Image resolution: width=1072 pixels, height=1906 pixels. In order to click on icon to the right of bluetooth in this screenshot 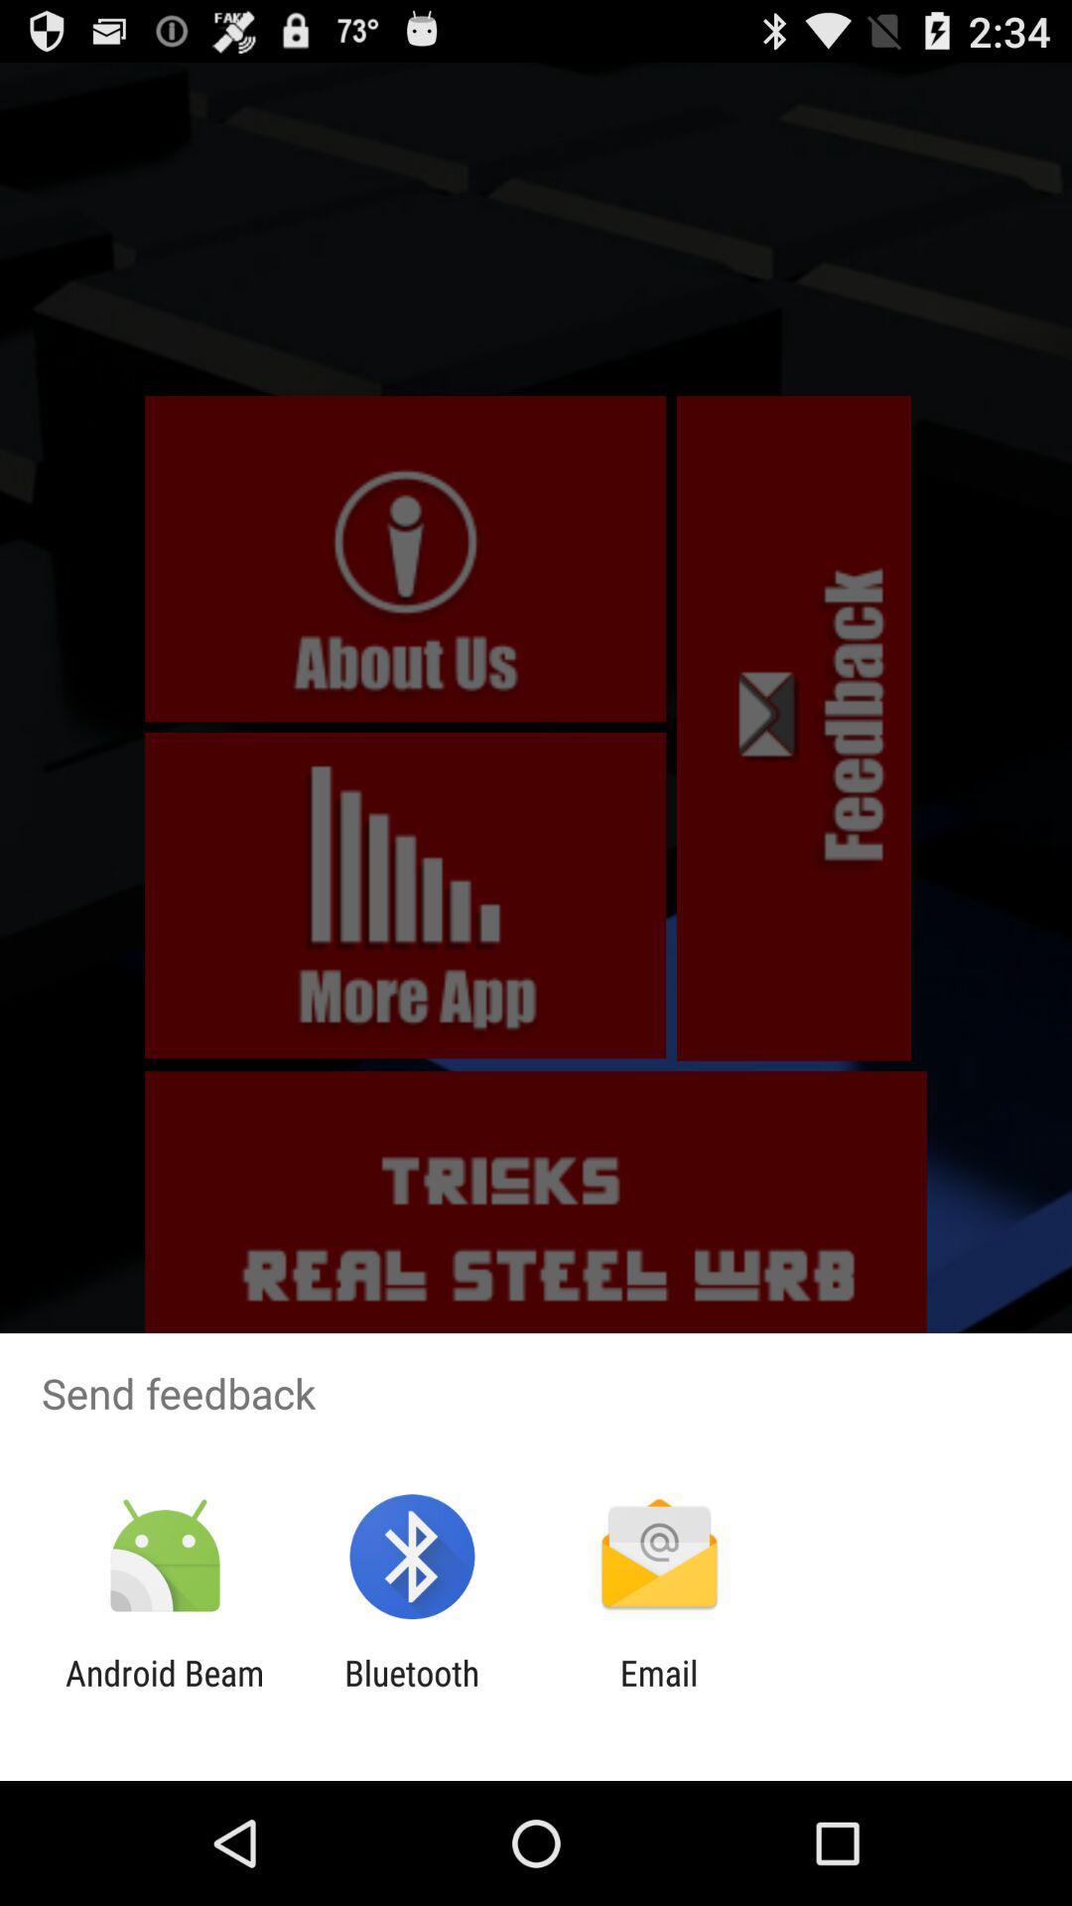, I will do `click(659, 1693)`.